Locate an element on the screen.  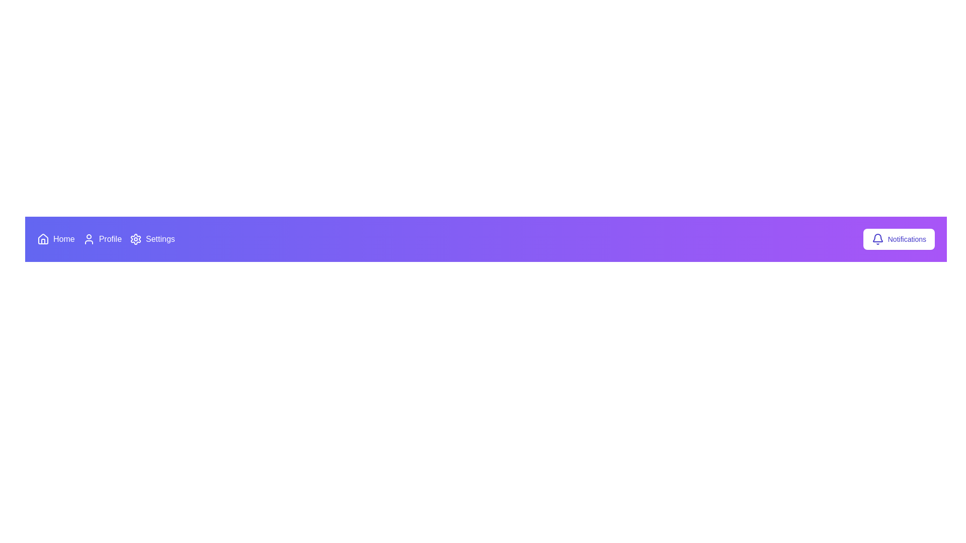
graphical icon element that is part of the house icon located in the leftmost icon of the navigation bar, positioned near the lower center inside the main house structure is located at coordinates (43, 241).